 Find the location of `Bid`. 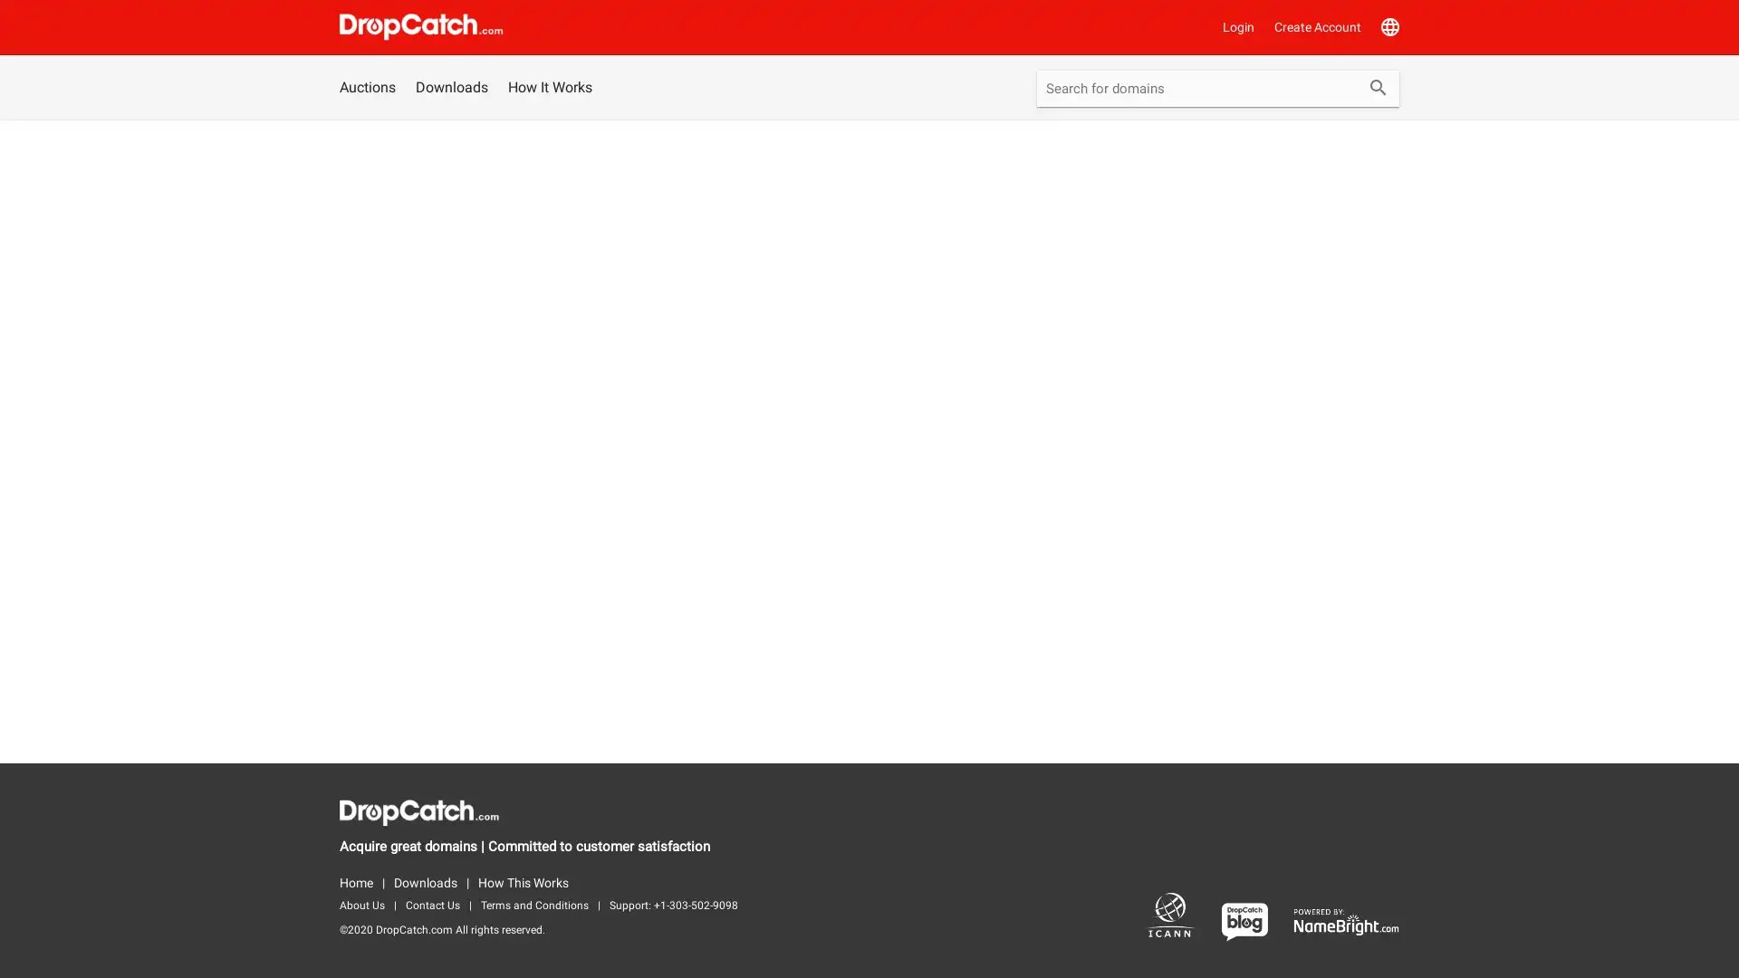

Bid is located at coordinates (1360, 840).